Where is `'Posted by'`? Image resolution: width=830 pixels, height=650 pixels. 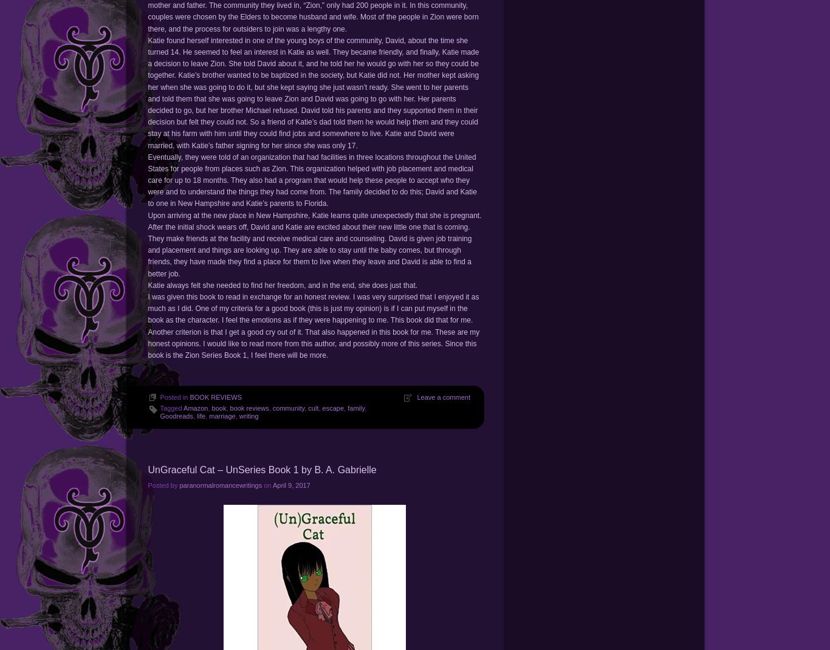
'Posted by' is located at coordinates (163, 484).